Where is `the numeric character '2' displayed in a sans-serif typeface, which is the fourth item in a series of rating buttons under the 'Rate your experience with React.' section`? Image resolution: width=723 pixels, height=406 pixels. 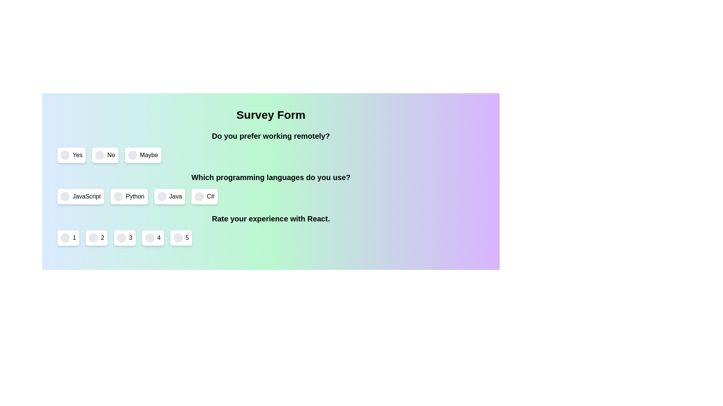 the numeric character '2' displayed in a sans-serif typeface, which is the fourth item in a series of rating buttons under the 'Rate your experience with React.' section is located at coordinates (102, 238).